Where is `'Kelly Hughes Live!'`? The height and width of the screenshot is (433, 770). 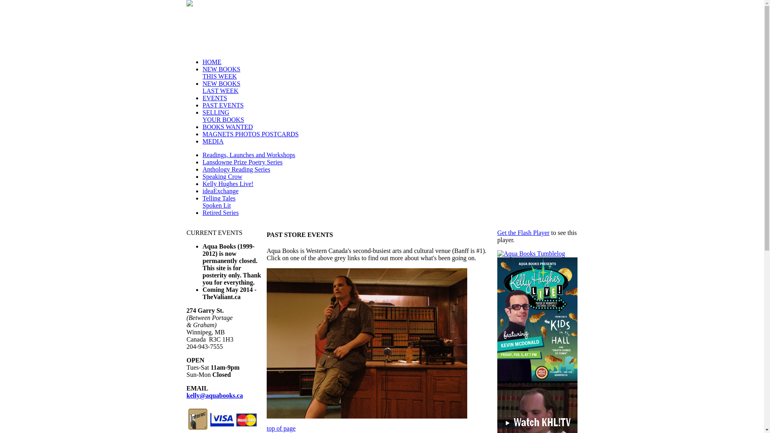
'Kelly Hughes Live!' is located at coordinates (227, 184).